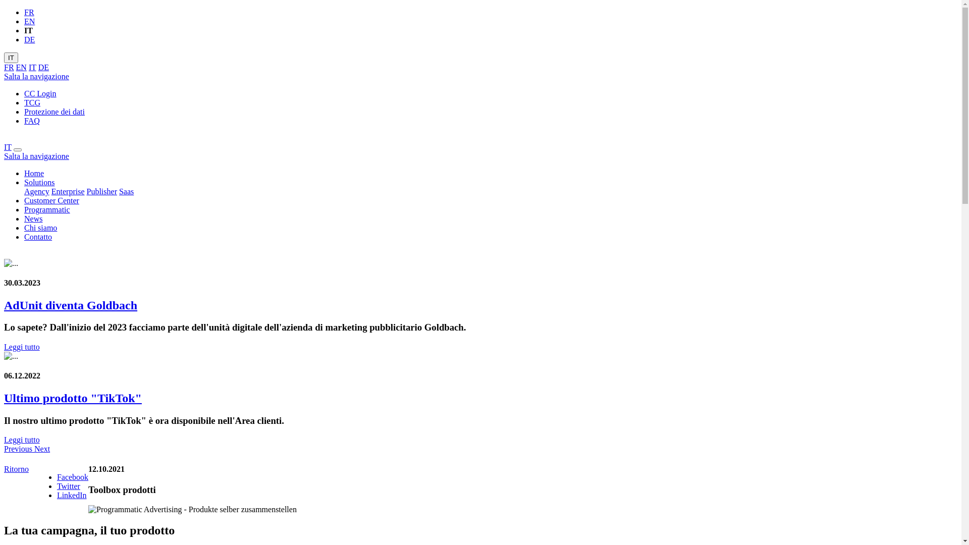  I want to click on 'Enterprise', so click(67, 191).